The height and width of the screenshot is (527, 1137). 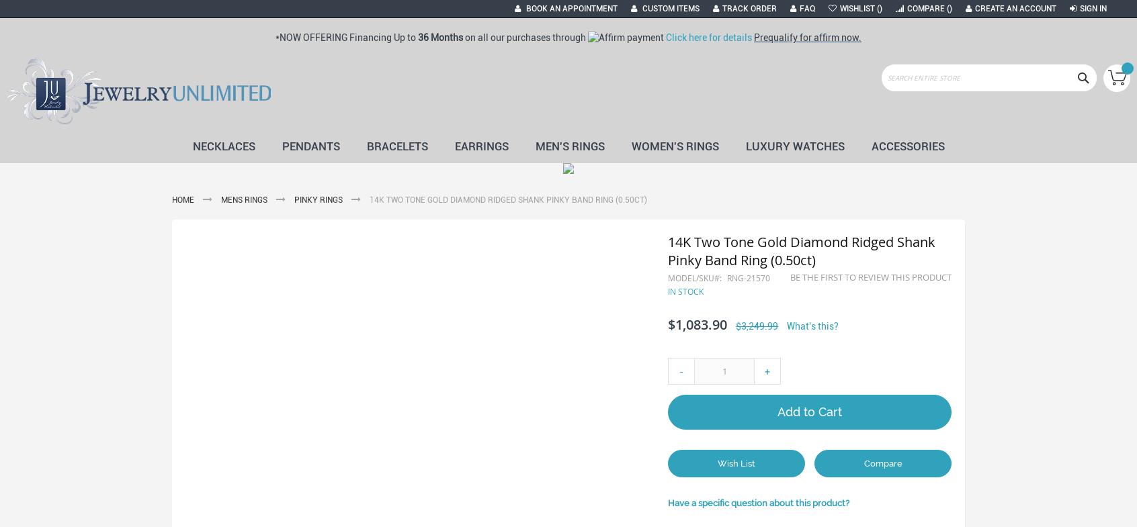 I want to click on 'on all our purchases through', so click(x=525, y=36).